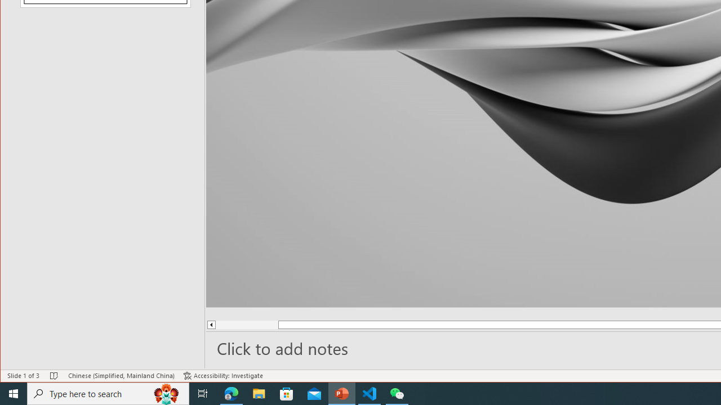  Describe the element at coordinates (341, 393) in the screenshot. I see `'PowerPoint - 1 running window'` at that location.